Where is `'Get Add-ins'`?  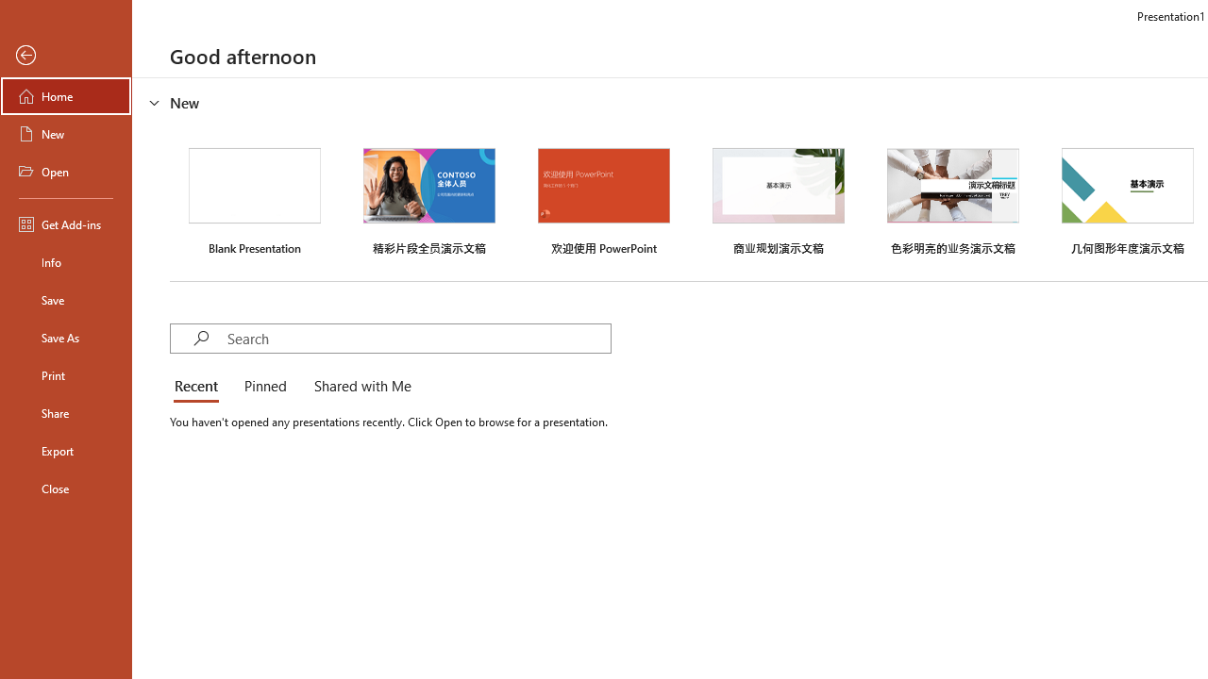
'Get Add-ins' is located at coordinates (65, 223).